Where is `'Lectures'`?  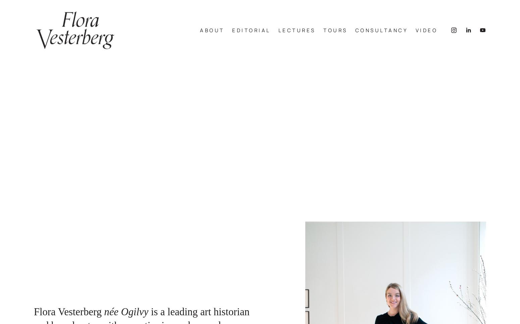 'Lectures' is located at coordinates (277, 33).